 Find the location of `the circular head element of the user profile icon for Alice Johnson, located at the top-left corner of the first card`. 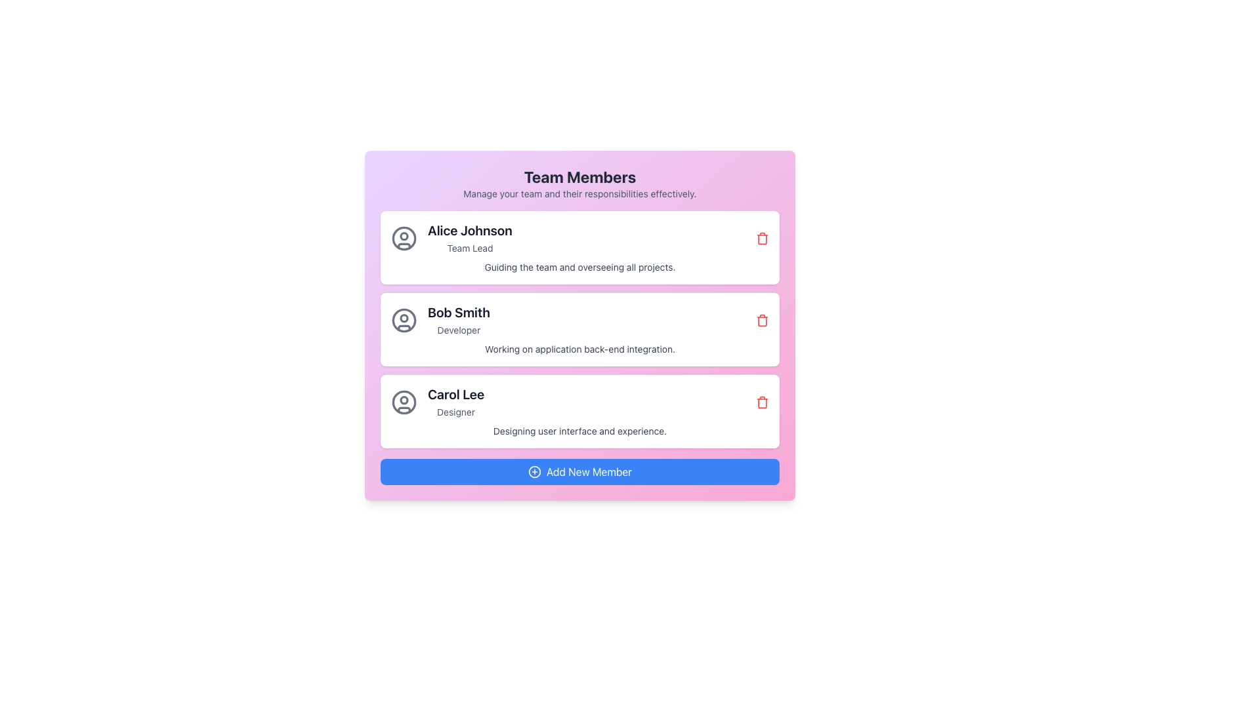

the circular head element of the user profile icon for Alice Johnson, located at the top-left corner of the first card is located at coordinates (403, 235).